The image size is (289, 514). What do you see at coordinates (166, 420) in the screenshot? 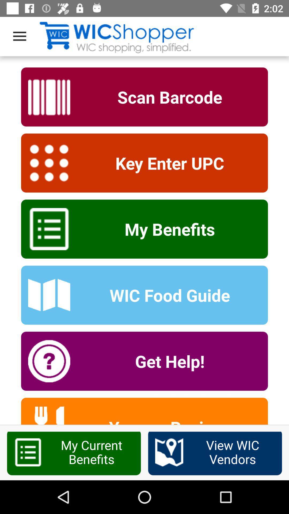
I see `the yummy recipes icon` at bounding box center [166, 420].